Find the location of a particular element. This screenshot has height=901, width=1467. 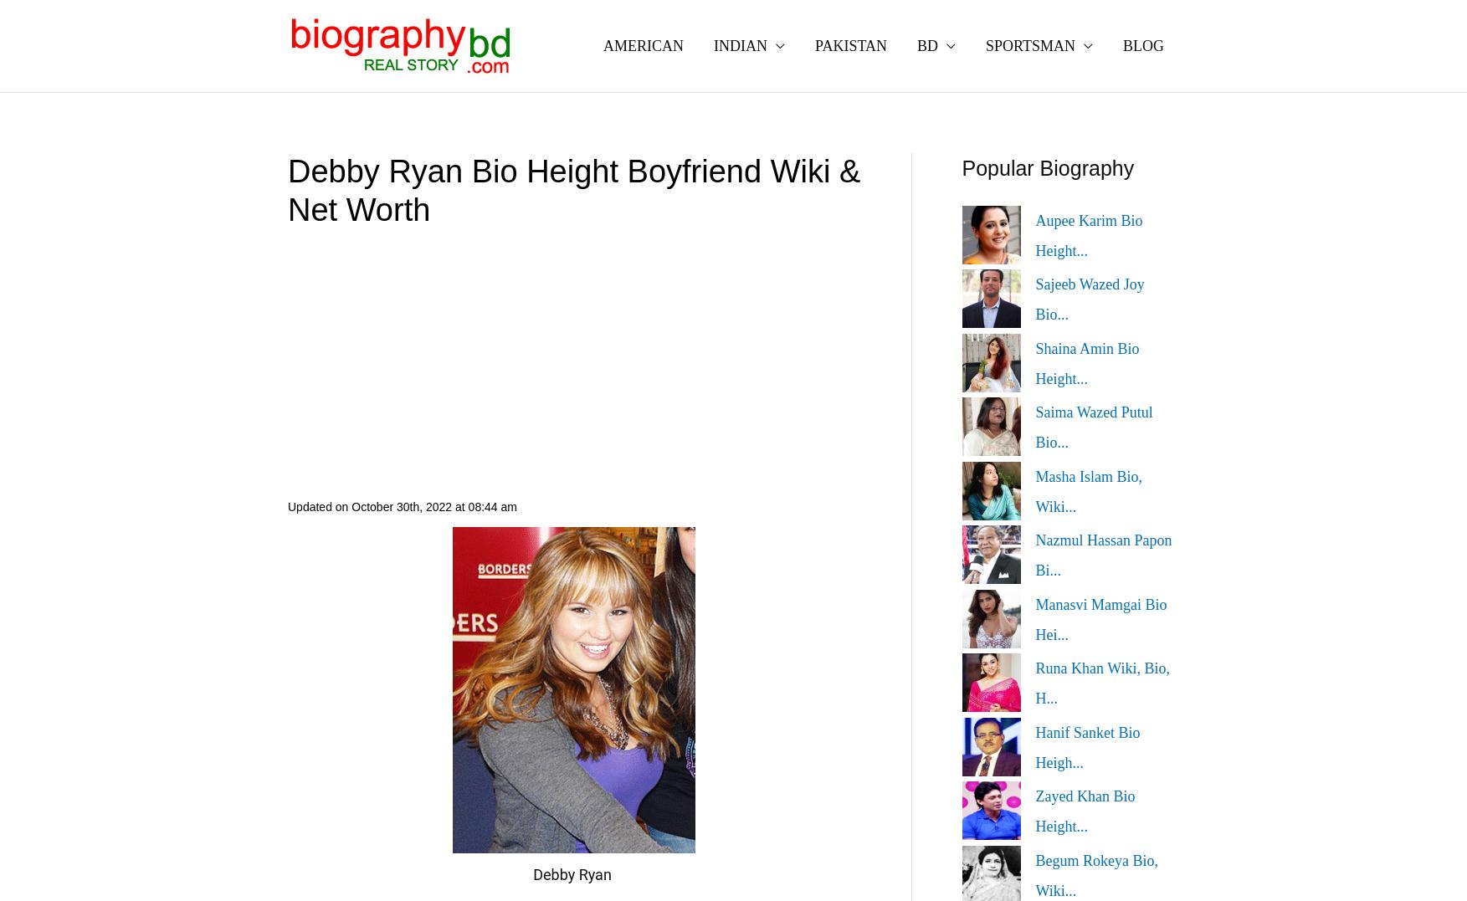

'Sajeeb Wazed Joy Bio...' is located at coordinates (1089, 298).